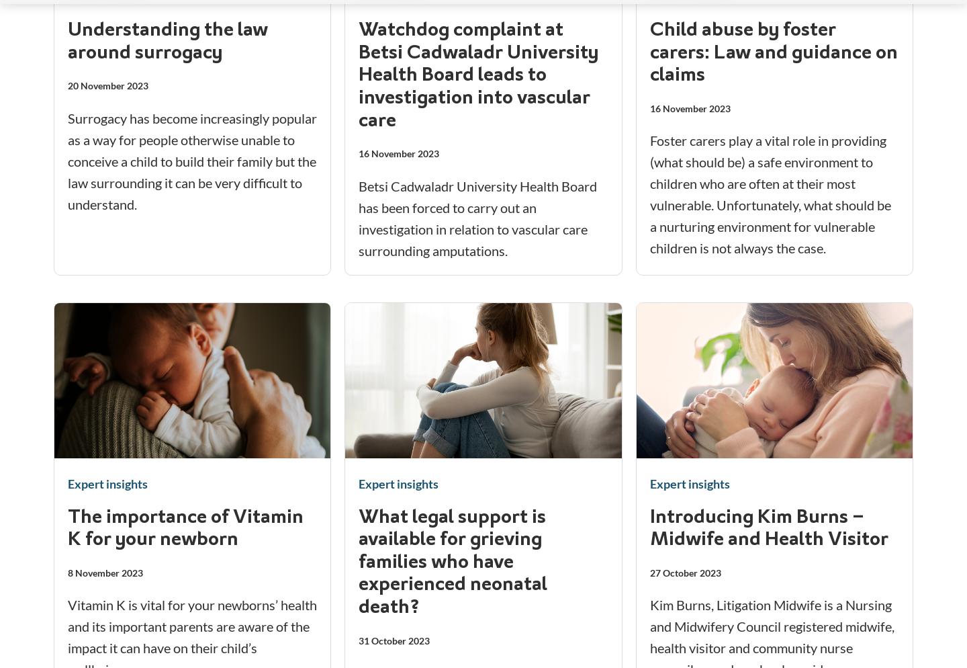  Describe the element at coordinates (394, 640) in the screenshot. I see `'31 October 2023'` at that location.